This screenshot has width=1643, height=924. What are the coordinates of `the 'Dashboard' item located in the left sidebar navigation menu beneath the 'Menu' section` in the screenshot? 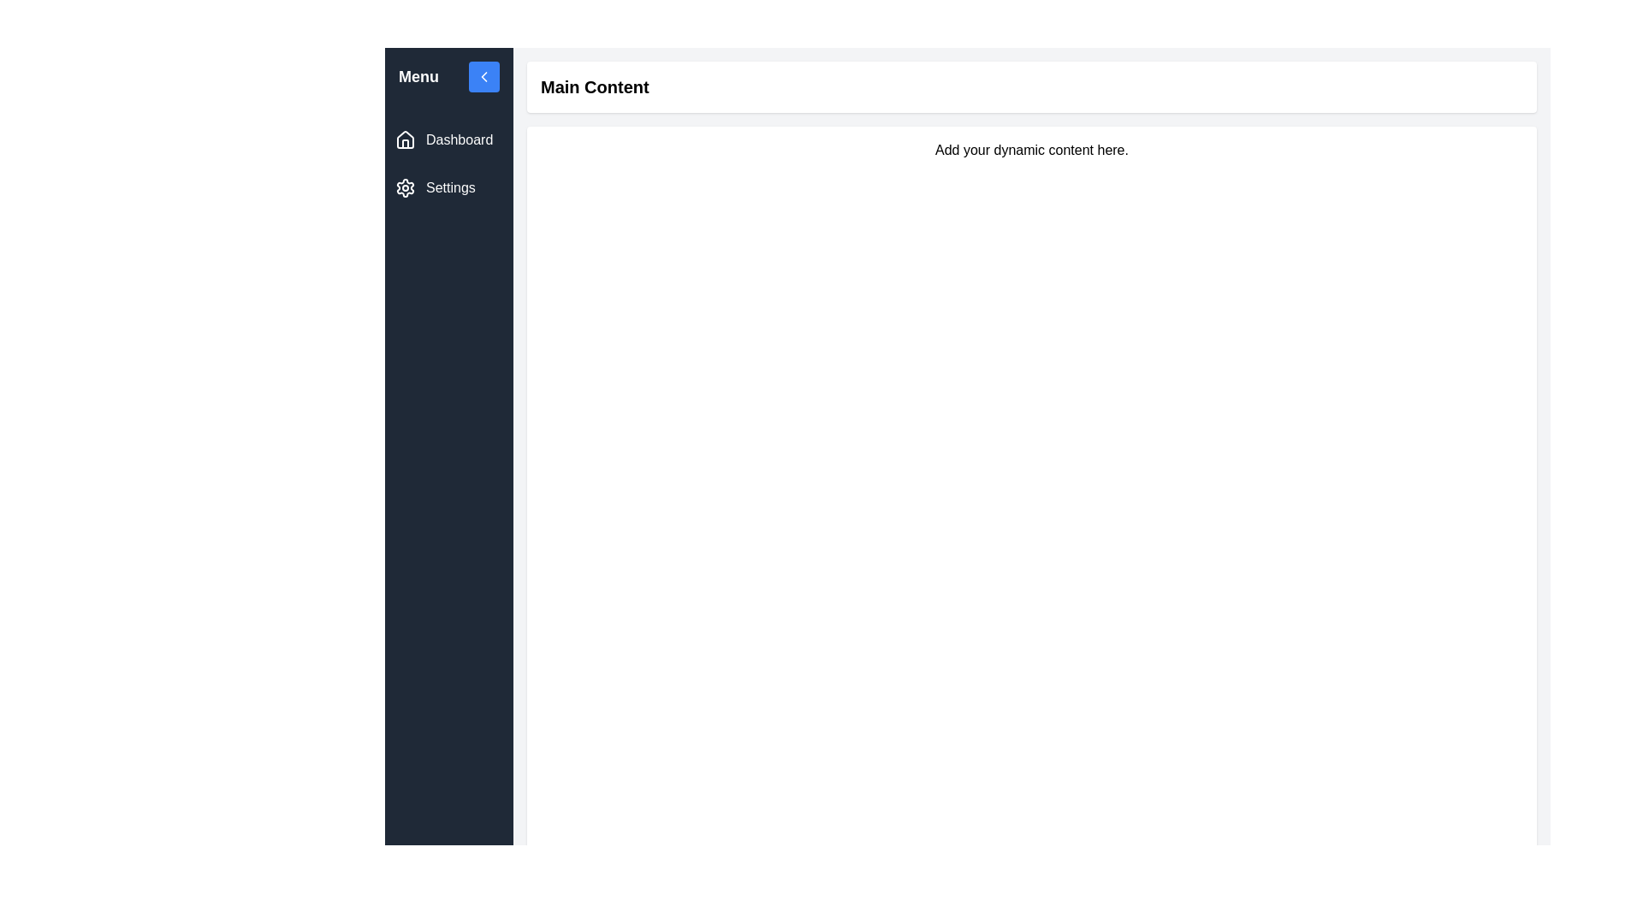 It's located at (448, 164).